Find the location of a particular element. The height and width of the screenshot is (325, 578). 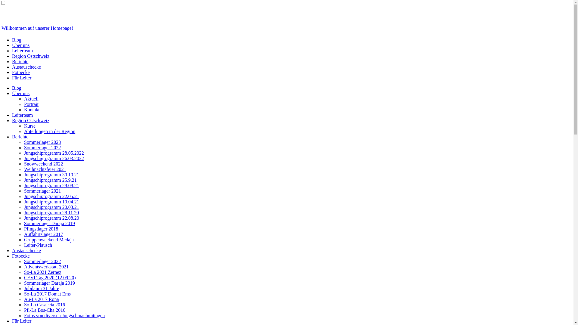

'Abteilungen in der Region' is located at coordinates (24, 131).